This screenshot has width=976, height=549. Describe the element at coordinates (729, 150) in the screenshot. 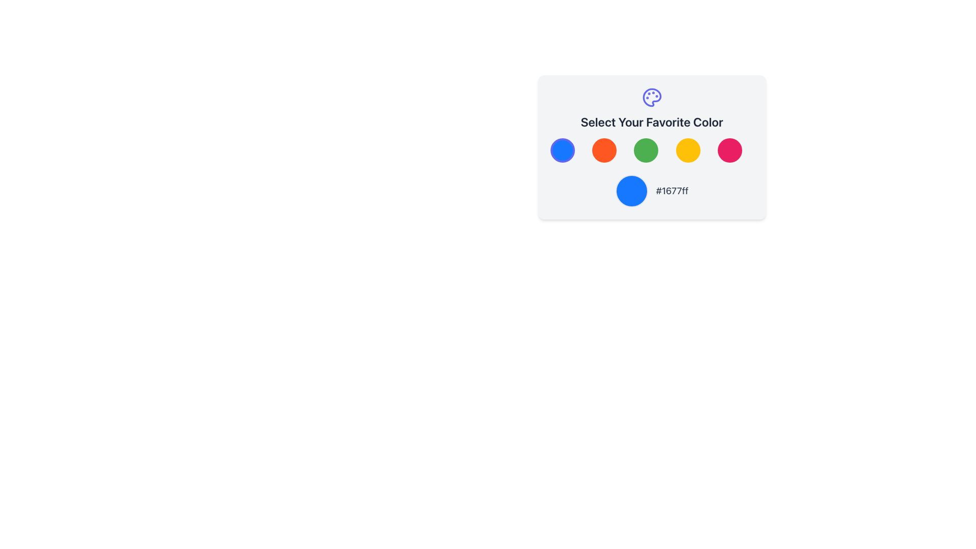

I see `the bright pink circular button located at the bottom-right position of the grid layout` at that location.